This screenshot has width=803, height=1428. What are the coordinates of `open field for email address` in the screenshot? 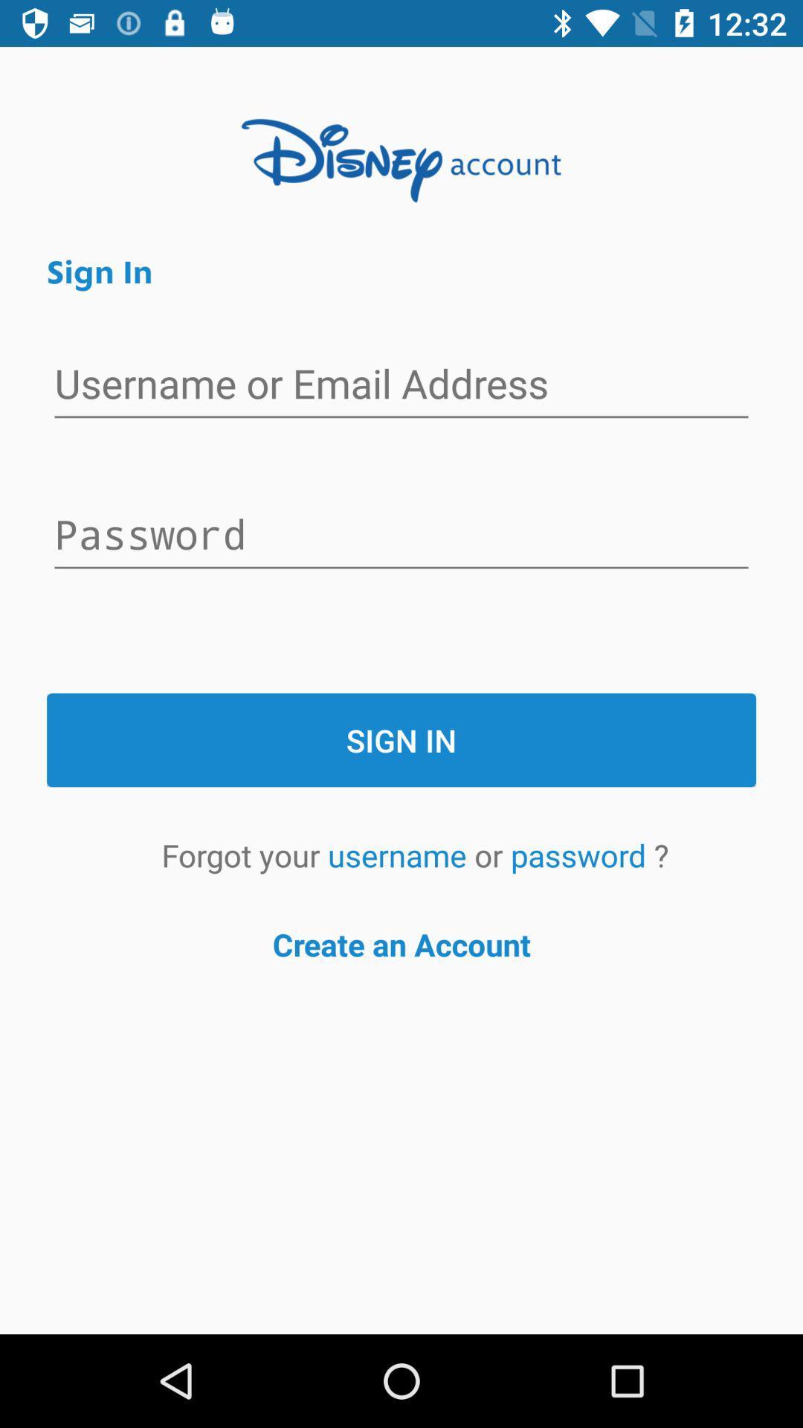 It's located at (401, 385).